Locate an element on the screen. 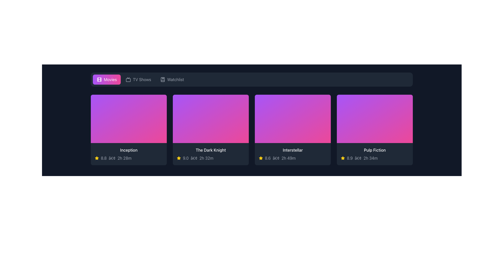 Image resolution: width=483 pixels, height=272 pixels. the decorative background area of the 'Pulp Fiction' card, which is a rectangular area with a gradient background transitioning from purple to pink, located at the top section of the fourth movie card is located at coordinates (375, 119).